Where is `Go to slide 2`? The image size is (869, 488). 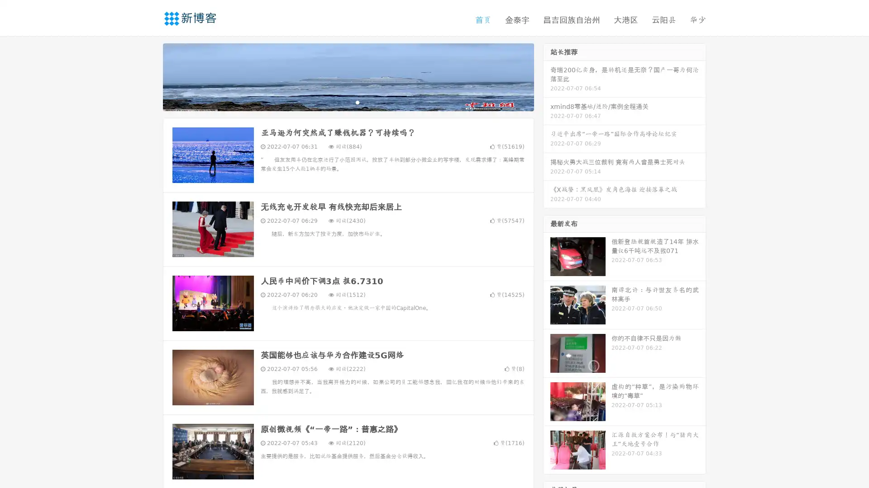
Go to slide 2 is located at coordinates (348, 102).